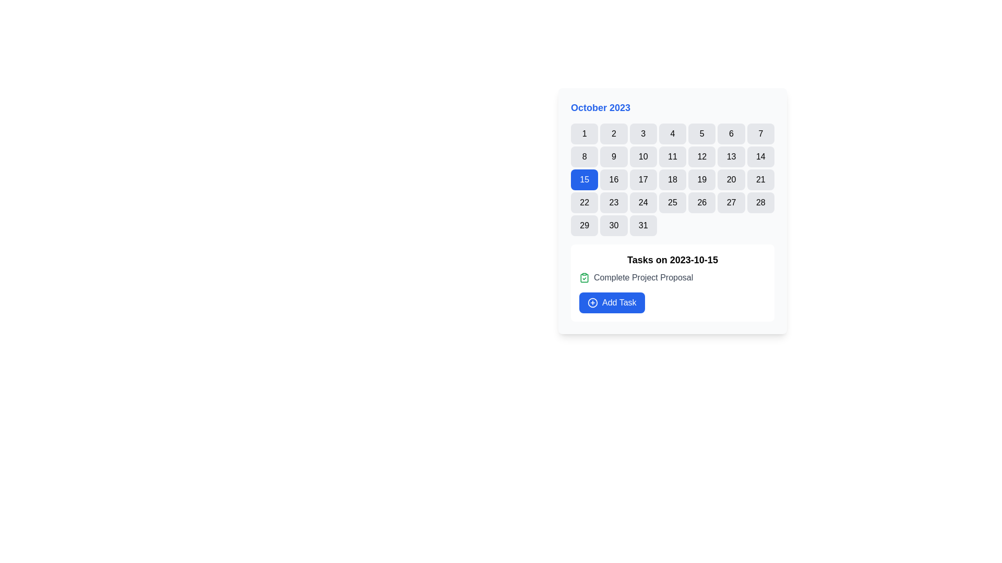 Image resolution: width=1002 pixels, height=563 pixels. I want to click on the square button with a rounded-corner design, styled in light gray and containing the number '24' in bold black text, so click(642, 203).